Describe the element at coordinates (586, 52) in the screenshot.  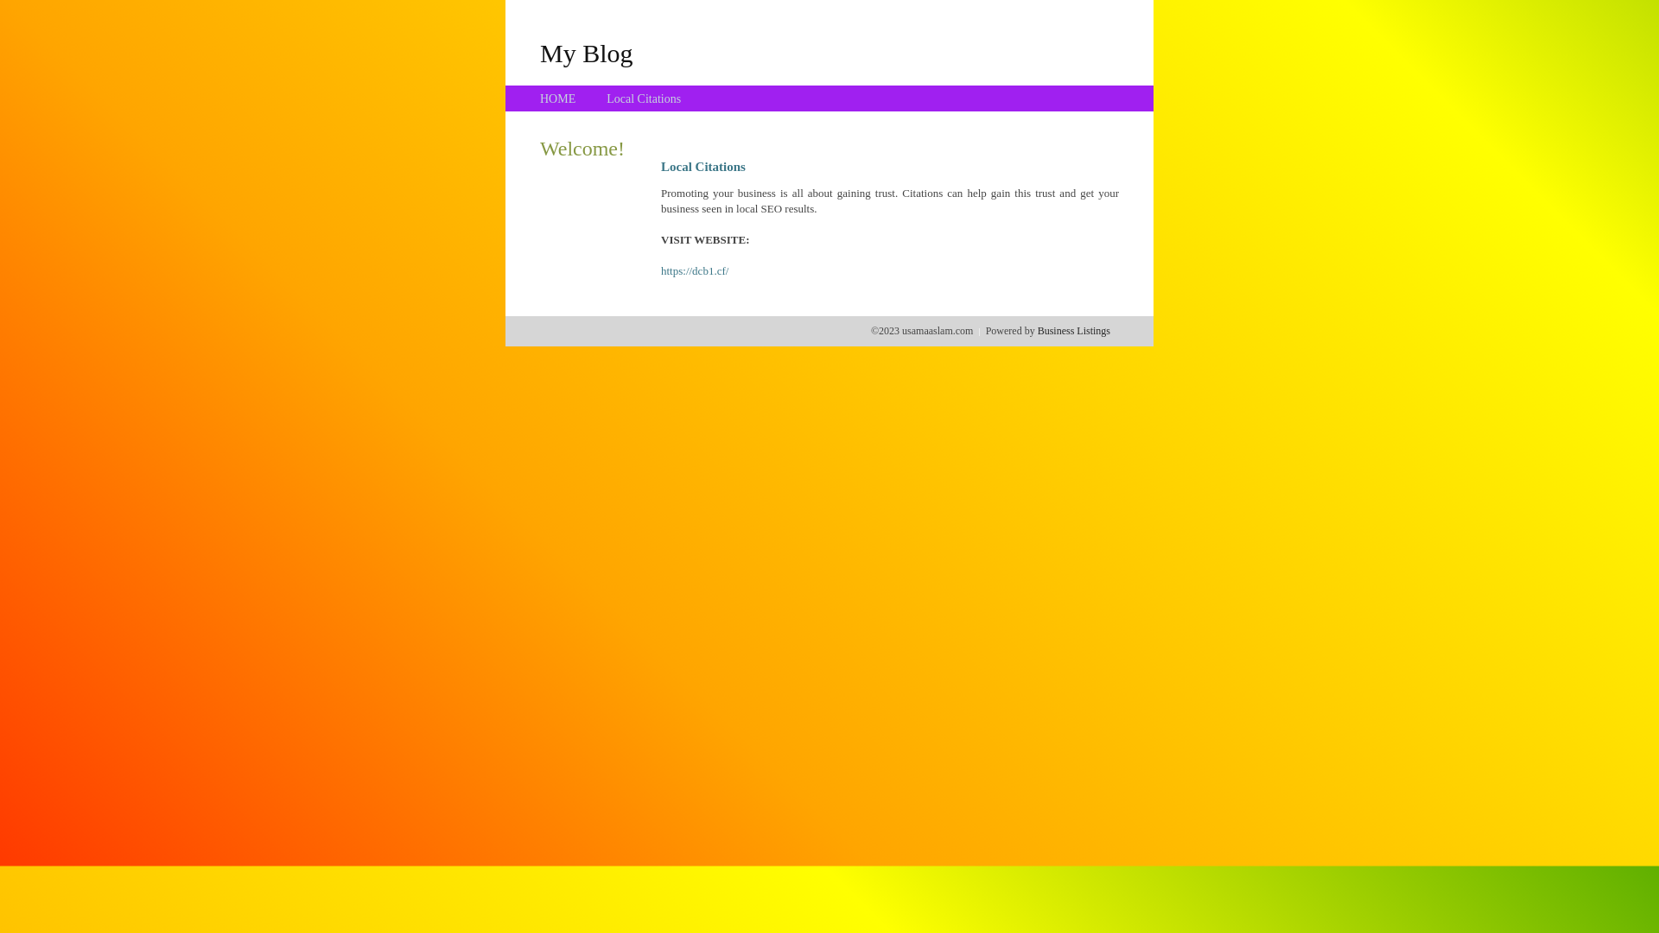
I see `'My Blog'` at that location.